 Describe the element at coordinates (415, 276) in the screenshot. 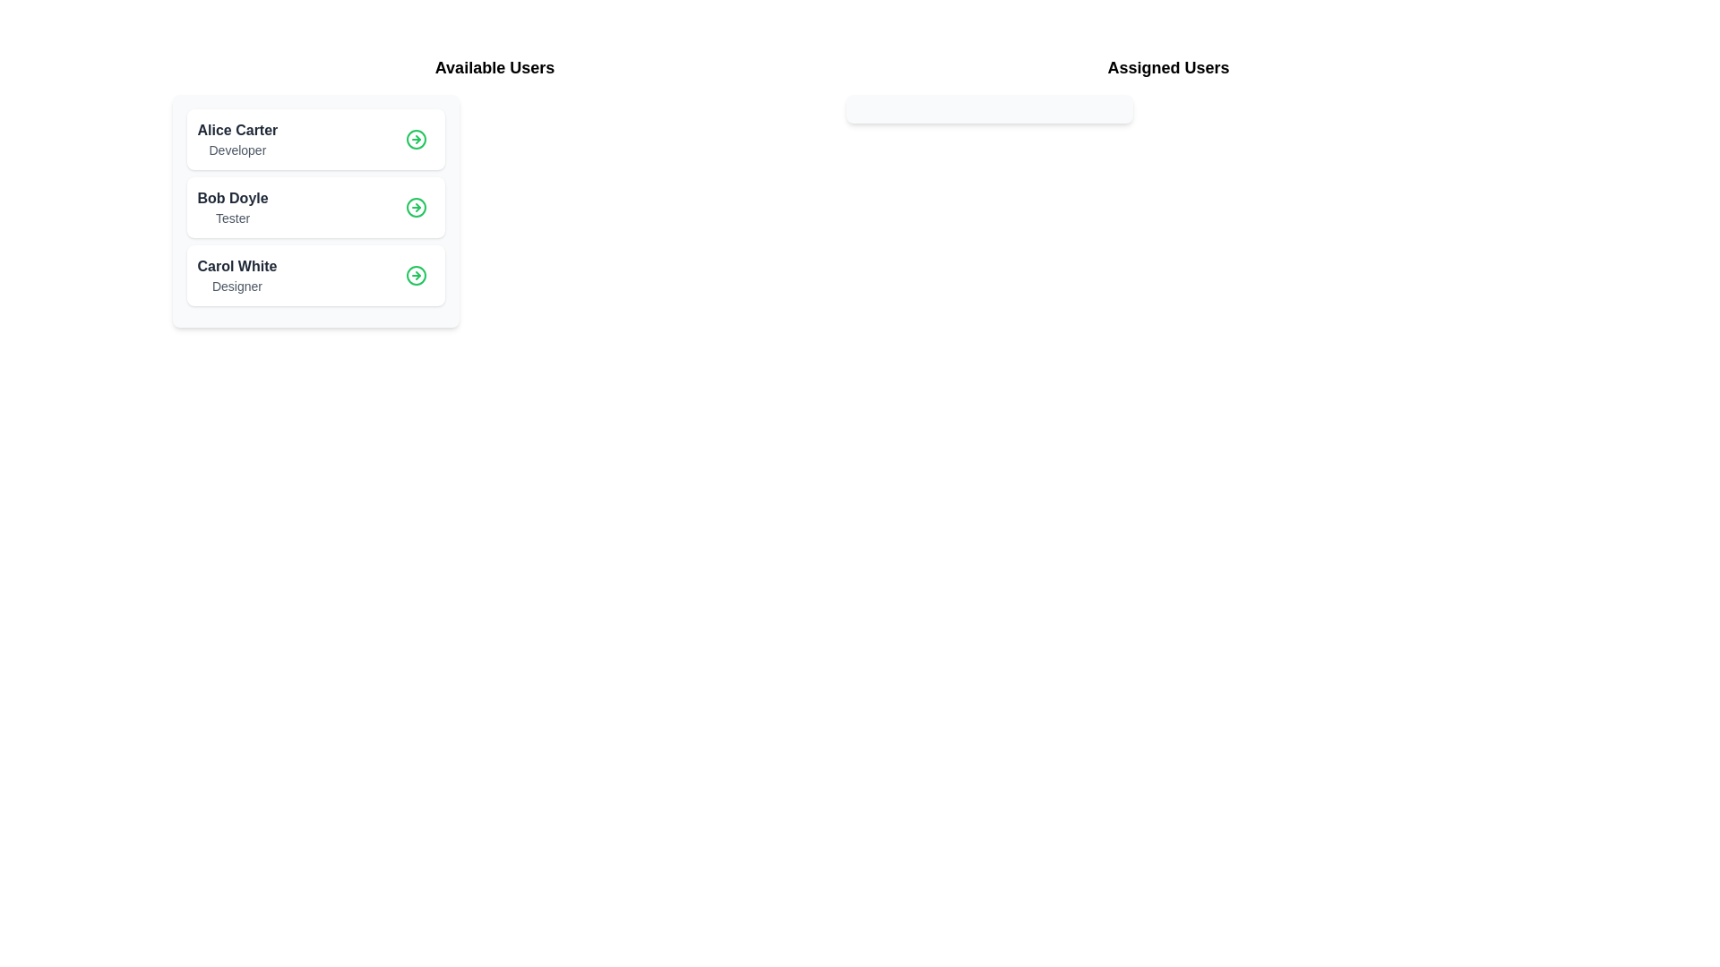

I see `details button for the user Carol White in the 'Available Users' list` at that location.